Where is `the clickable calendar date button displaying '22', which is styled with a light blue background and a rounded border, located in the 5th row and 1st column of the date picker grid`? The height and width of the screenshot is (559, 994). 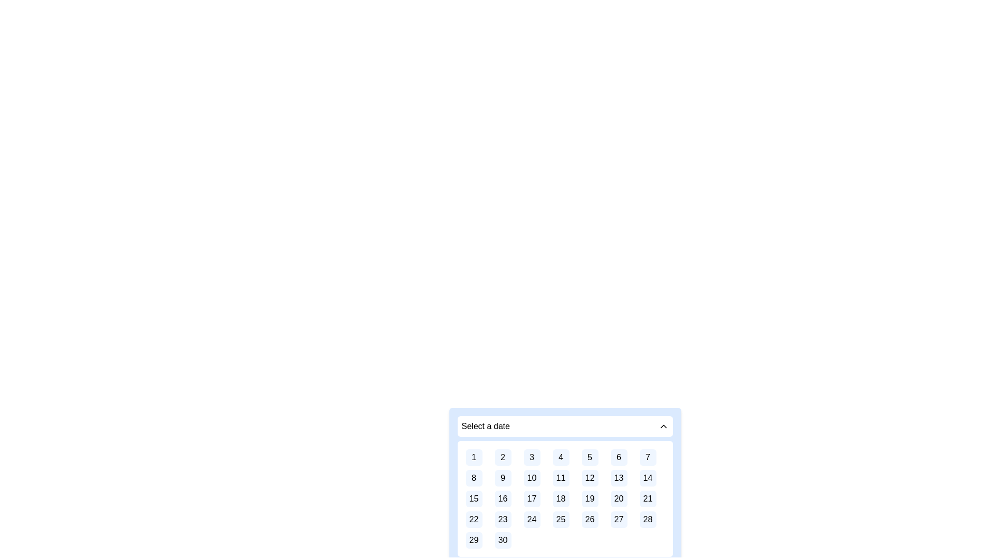 the clickable calendar date button displaying '22', which is styled with a light blue background and a rounded border, located in the 5th row and 1st column of the date picker grid is located at coordinates (473, 519).